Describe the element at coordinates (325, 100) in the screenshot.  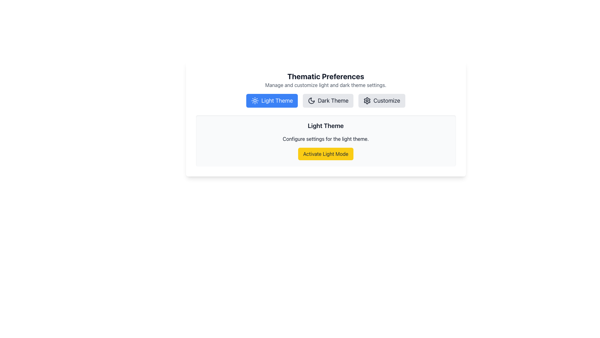
I see `the 'Dark Theme' button` at that location.